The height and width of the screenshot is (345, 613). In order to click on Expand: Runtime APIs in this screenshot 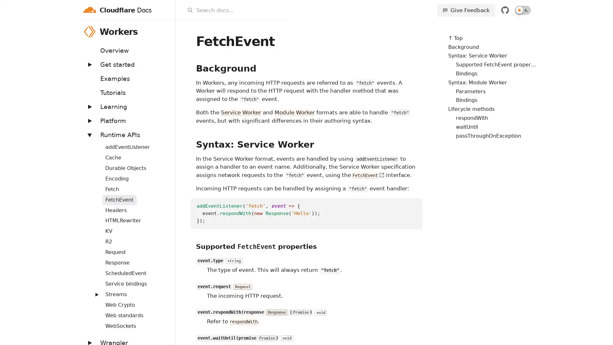, I will do `click(89, 134)`.